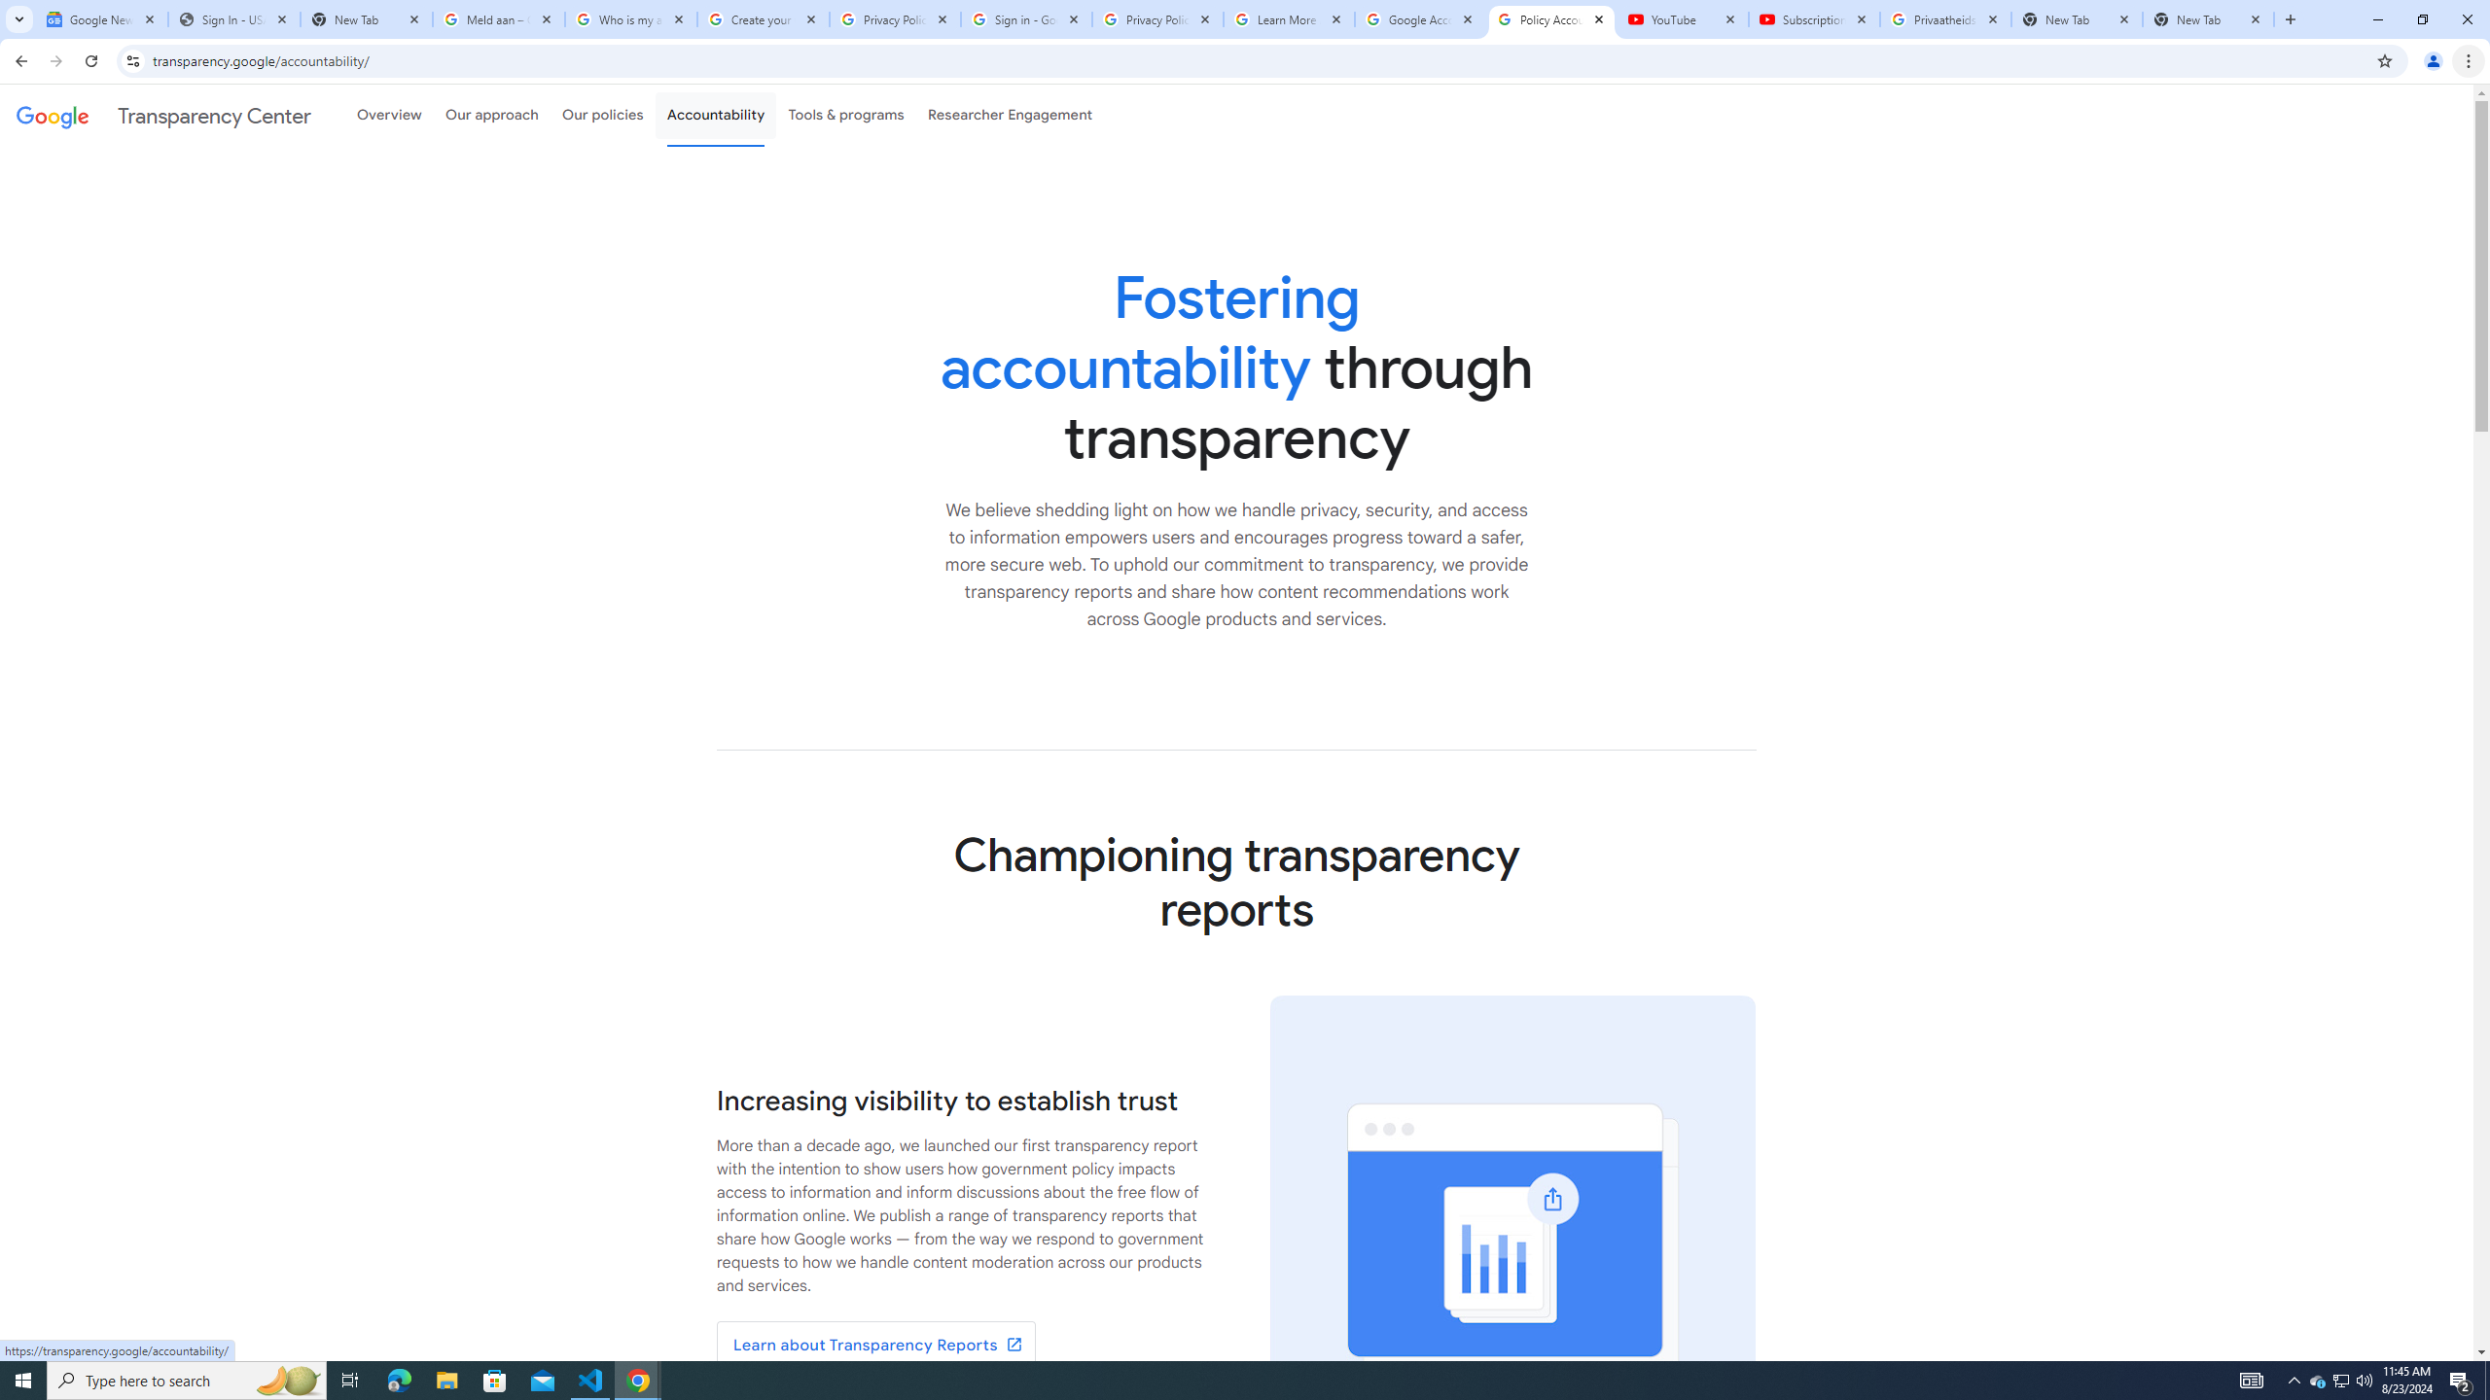  What do you see at coordinates (100, 18) in the screenshot?
I see `'Google News'` at bounding box center [100, 18].